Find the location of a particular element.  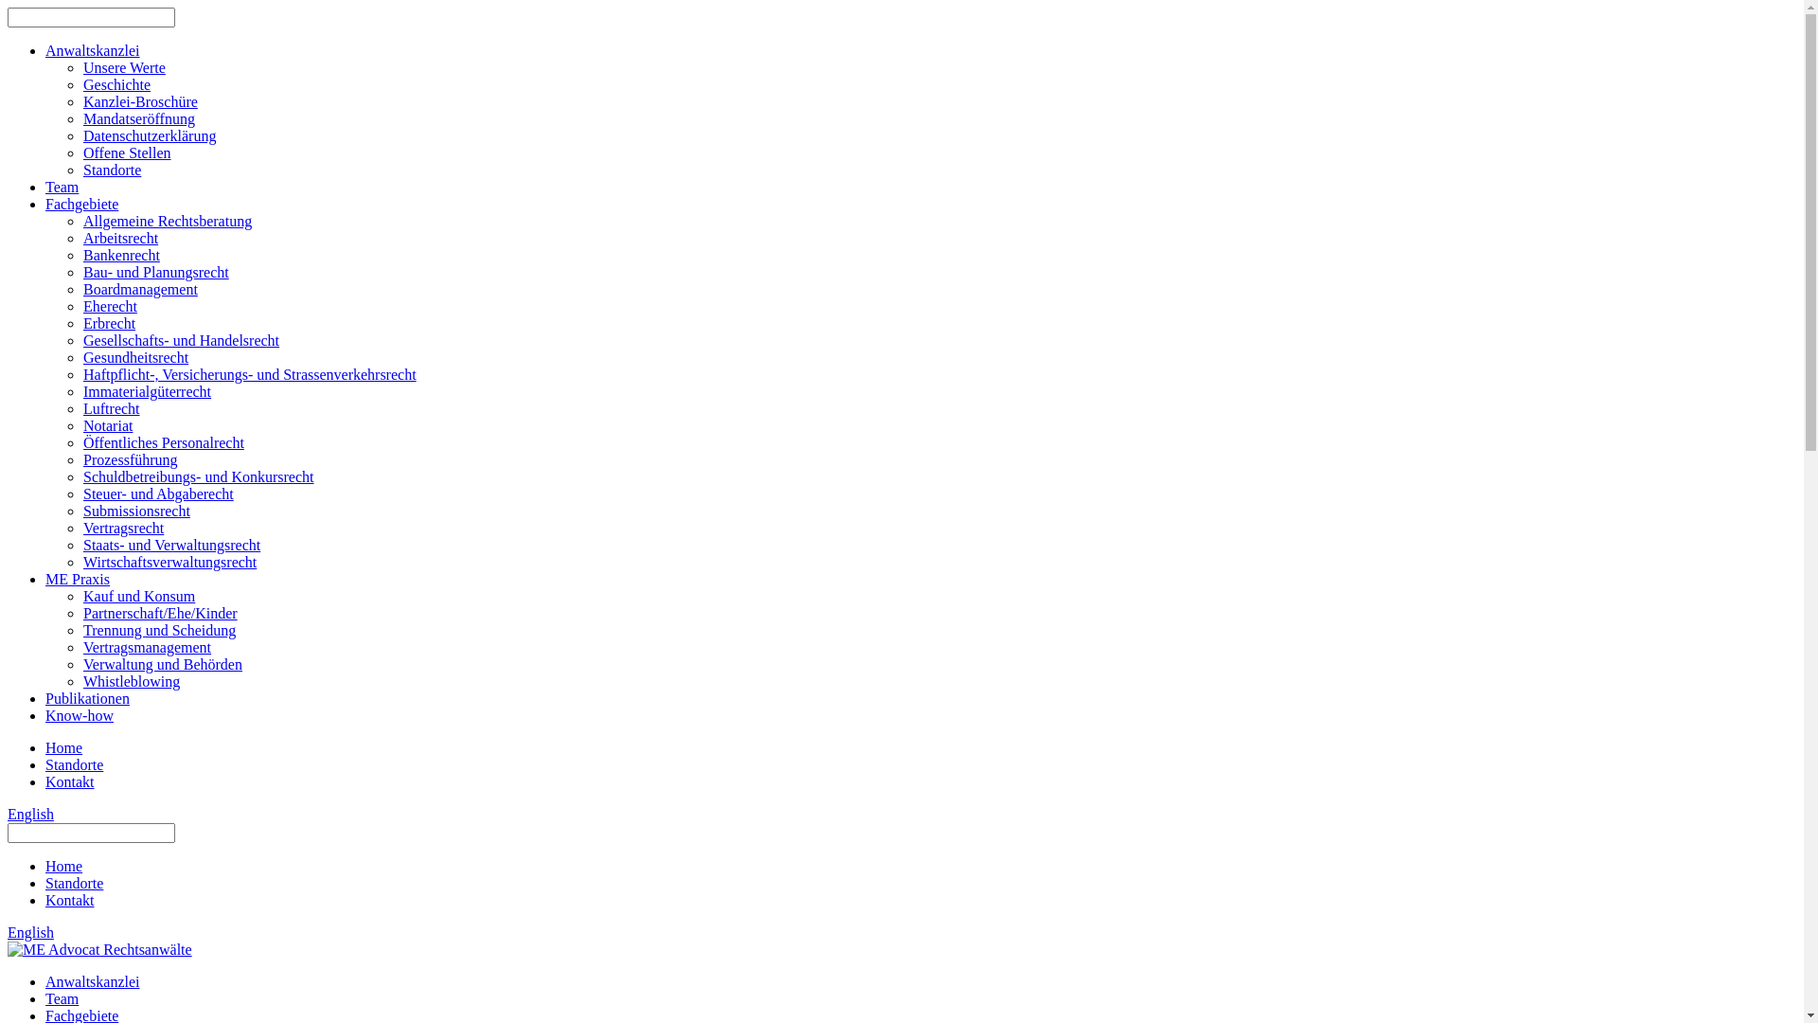

'Steuer- und Abgaberecht' is located at coordinates (158, 493).